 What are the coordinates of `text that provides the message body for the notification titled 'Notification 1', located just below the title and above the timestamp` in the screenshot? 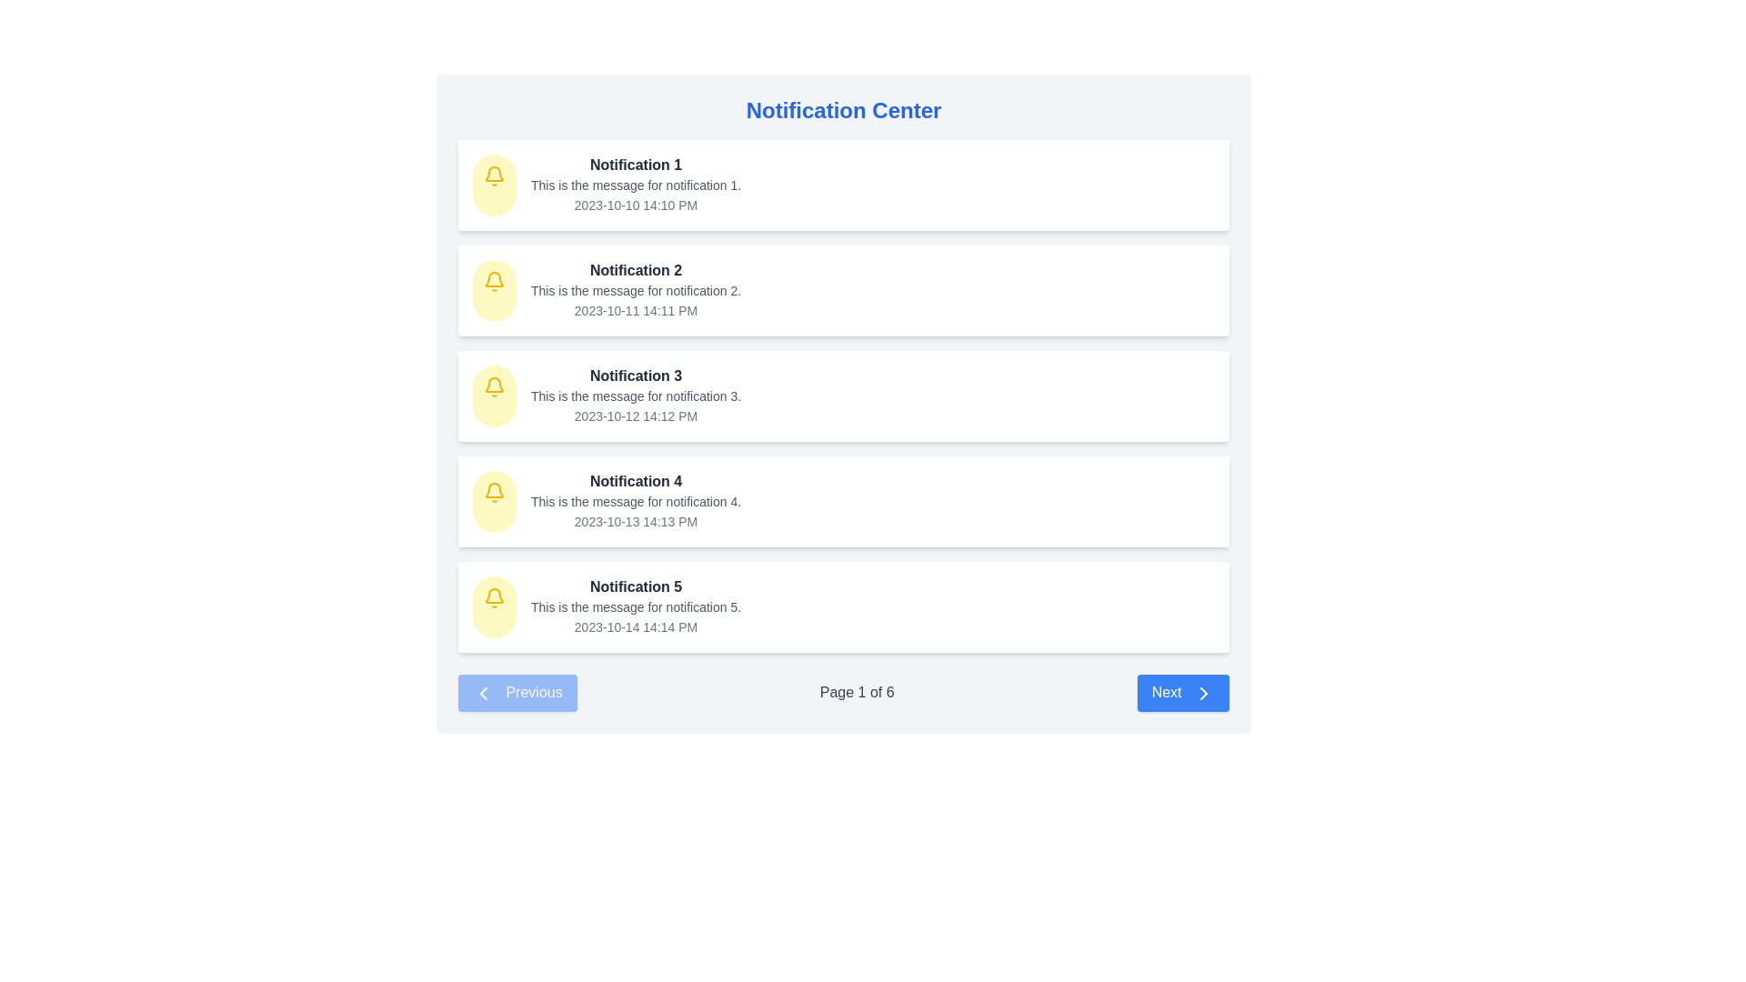 It's located at (636, 185).